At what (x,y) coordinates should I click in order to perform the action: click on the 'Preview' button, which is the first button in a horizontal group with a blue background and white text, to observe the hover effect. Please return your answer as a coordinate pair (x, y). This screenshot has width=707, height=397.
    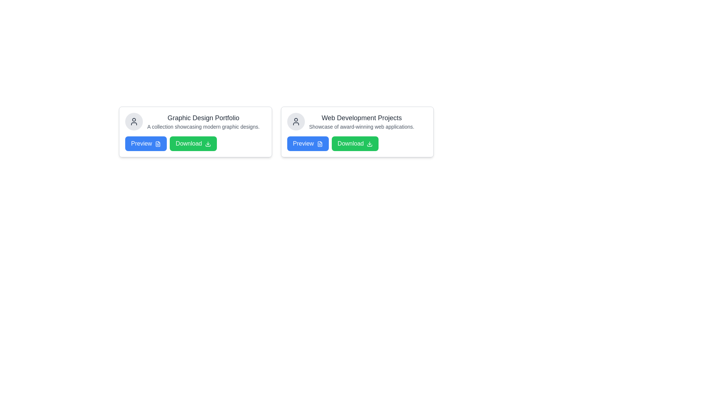
    Looking at the image, I should click on (308, 143).